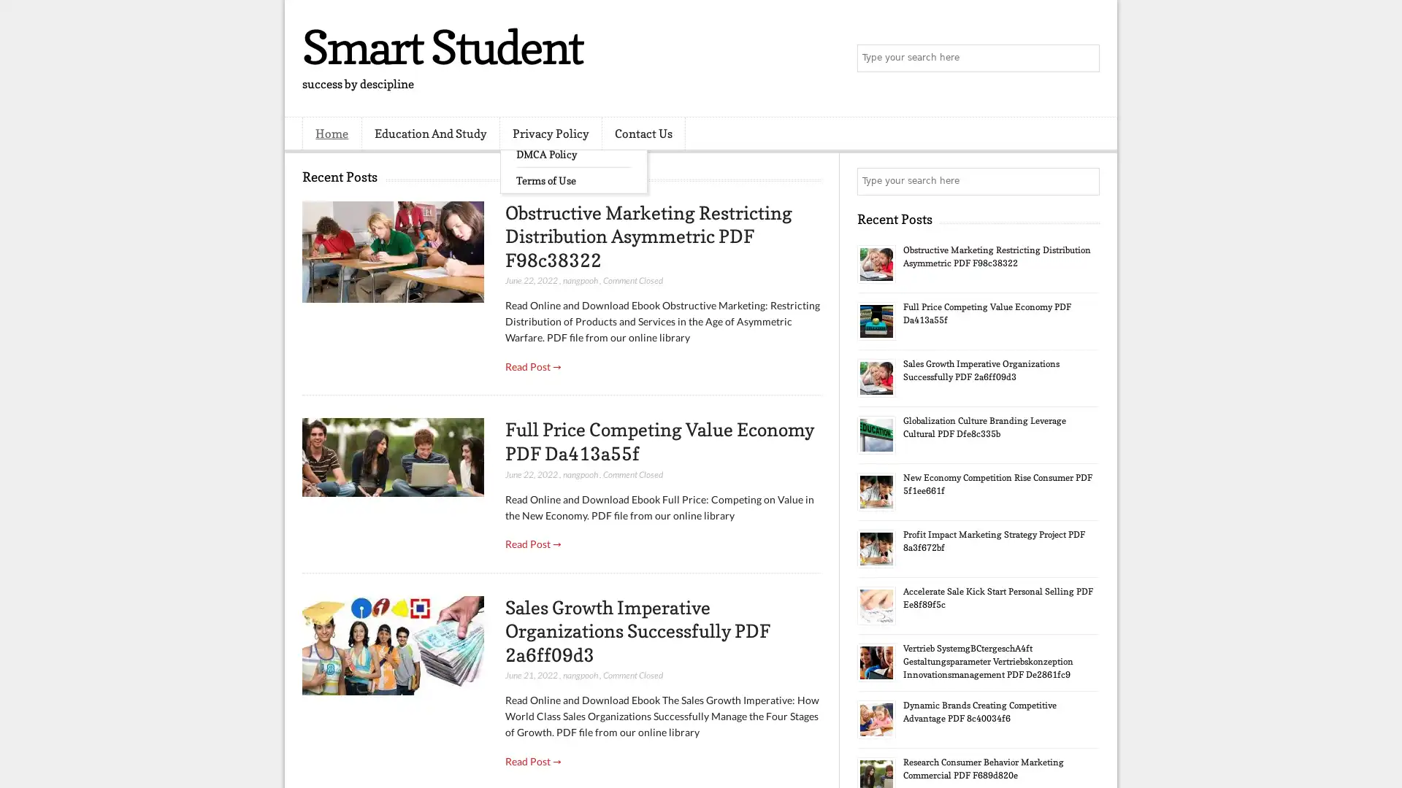  Describe the element at coordinates (1084, 181) in the screenshot. I see `Search` at that location.